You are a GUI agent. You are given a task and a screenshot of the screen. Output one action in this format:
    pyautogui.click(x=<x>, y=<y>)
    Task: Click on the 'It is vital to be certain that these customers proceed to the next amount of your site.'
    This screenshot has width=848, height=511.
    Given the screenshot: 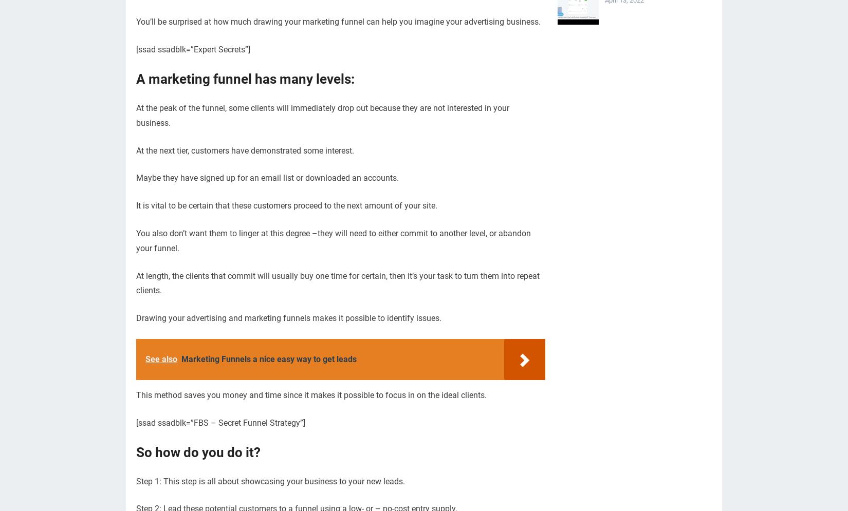 What is the action you would take?
    pyautogui.click(x=286, y=205)
    